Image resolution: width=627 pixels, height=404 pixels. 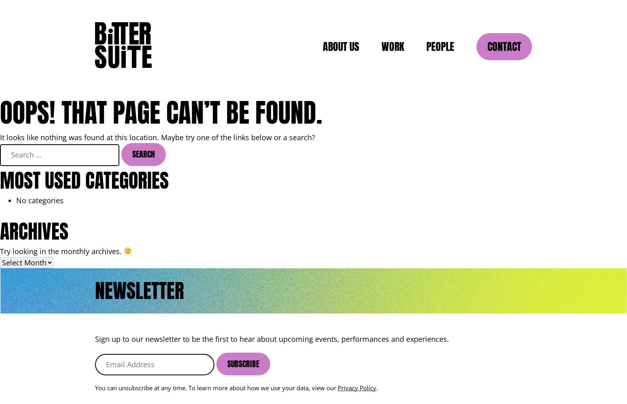 What do you see at coordinates (15, 200) in the screenshot?
I see `'No categories'` at bounding box center [15, 200].